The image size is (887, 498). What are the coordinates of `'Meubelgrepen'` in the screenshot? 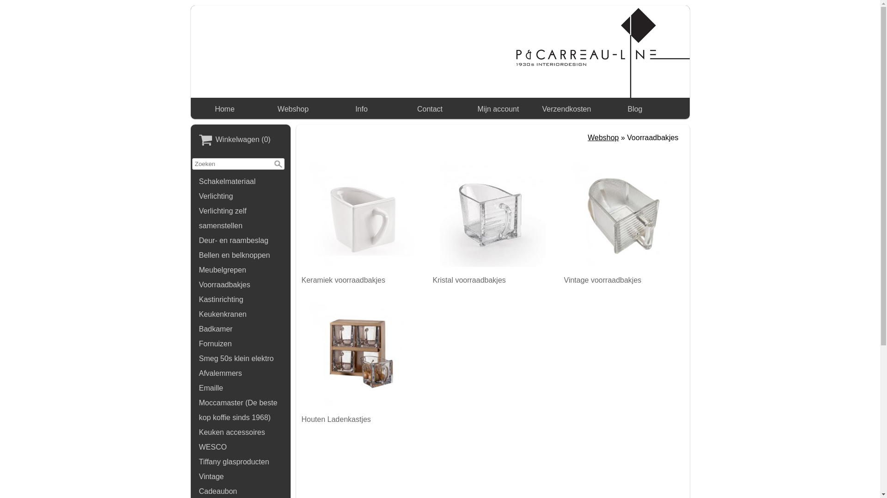 It's located at (241, 270).